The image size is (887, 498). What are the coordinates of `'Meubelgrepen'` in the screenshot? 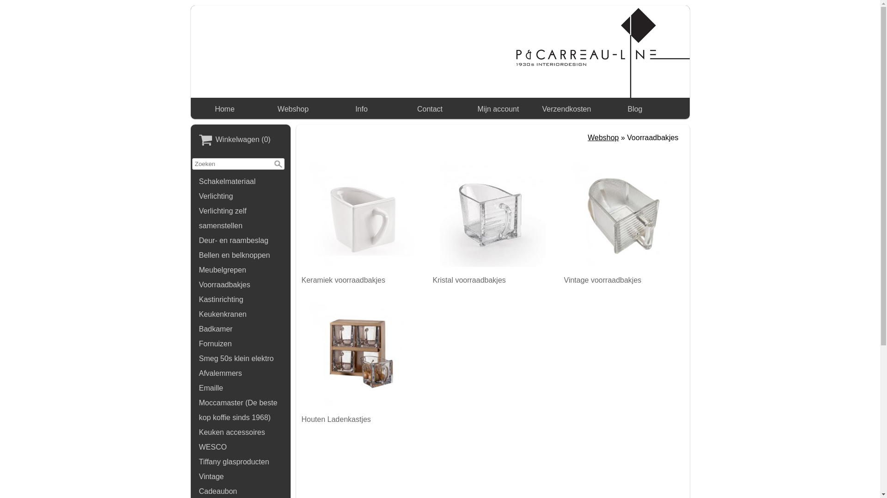 It's located at (241, 270).